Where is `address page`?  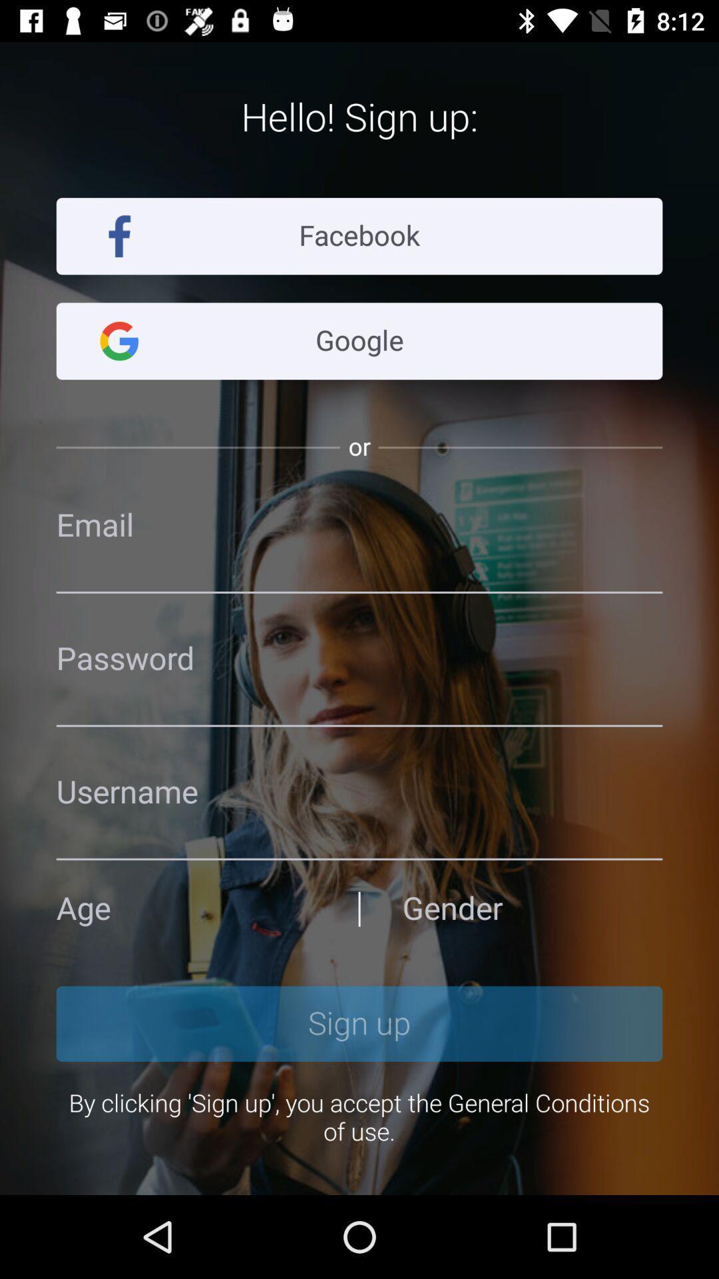
address page is located at coordinates (531, 908).